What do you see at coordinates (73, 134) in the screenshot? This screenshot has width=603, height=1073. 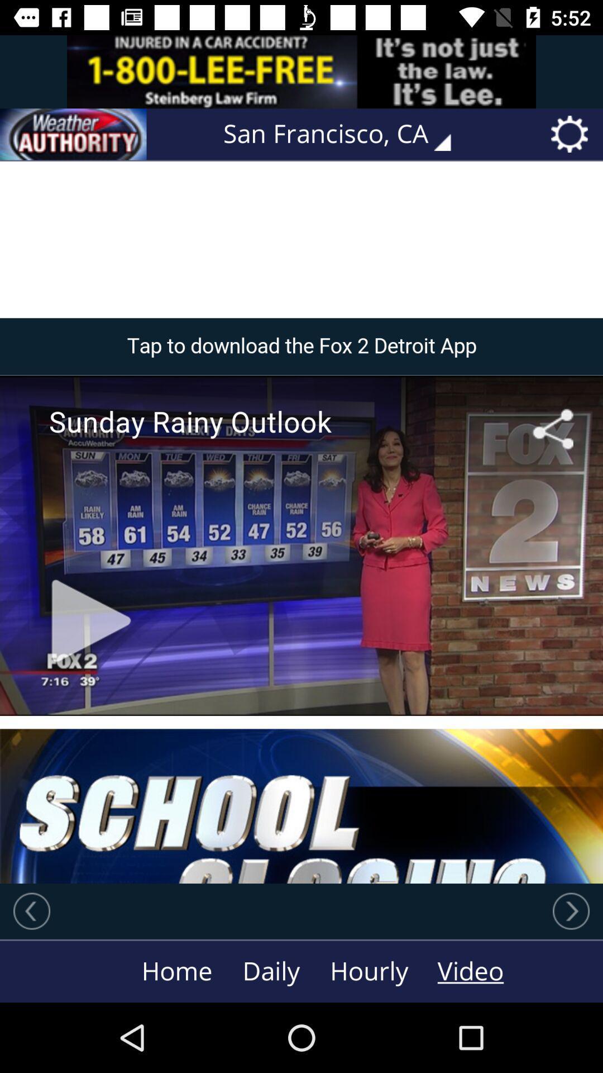 I see `weather button` at bounding box center [73, 134].